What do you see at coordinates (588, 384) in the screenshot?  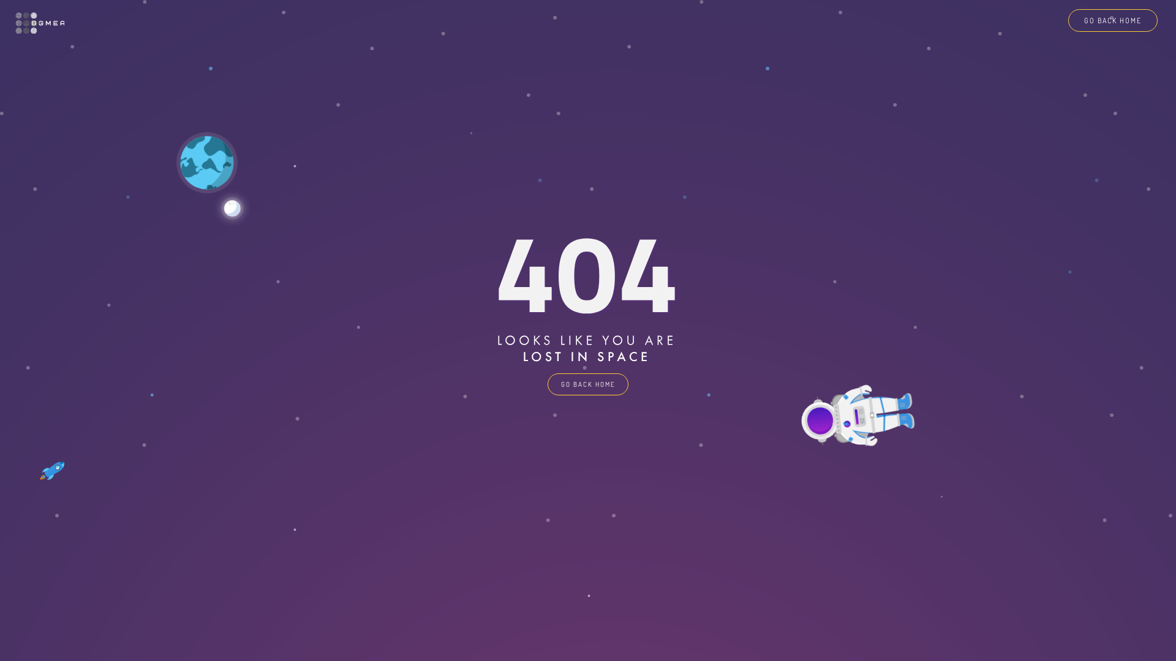 I see `'GO BACK HOME'` at bounding box center [588, 384].